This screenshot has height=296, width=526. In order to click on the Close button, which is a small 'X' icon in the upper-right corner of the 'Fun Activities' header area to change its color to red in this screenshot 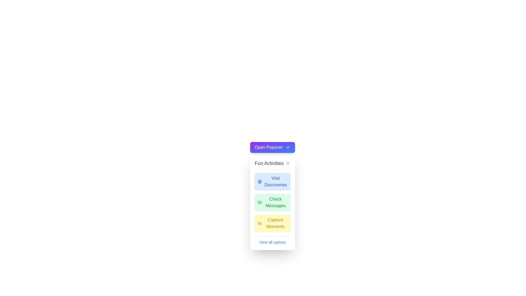, I will do `click(287, 163)`.